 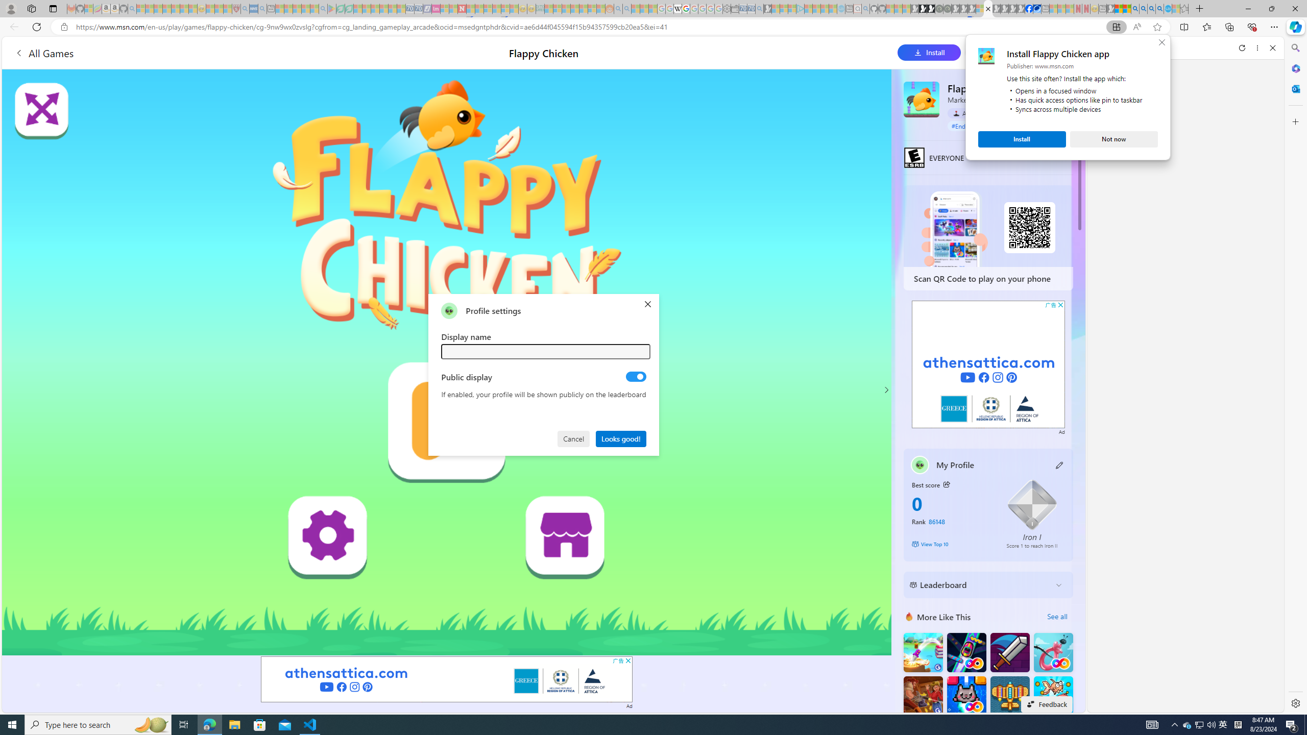 I want to click on 'See all', so click(x=1057, y=616).